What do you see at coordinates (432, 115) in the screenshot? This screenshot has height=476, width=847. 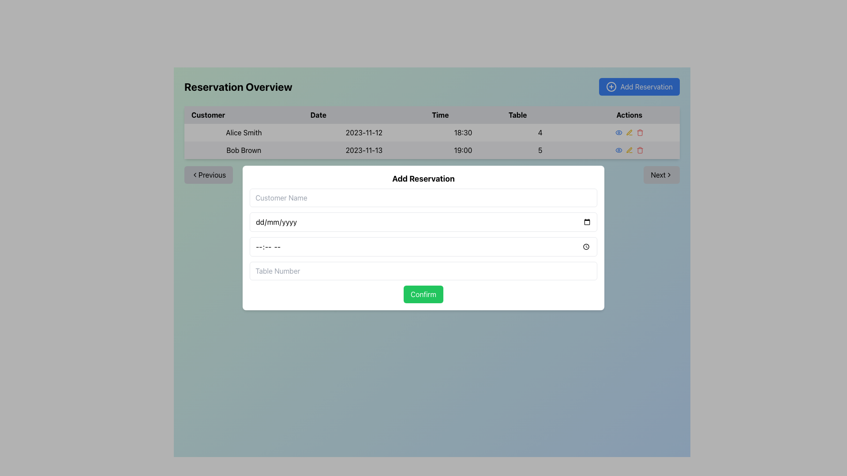 I see `the 'Time' column header text label, which is the third column in the table interface, located between 'Date' and 'Table'` at bounding box center [432, 115].